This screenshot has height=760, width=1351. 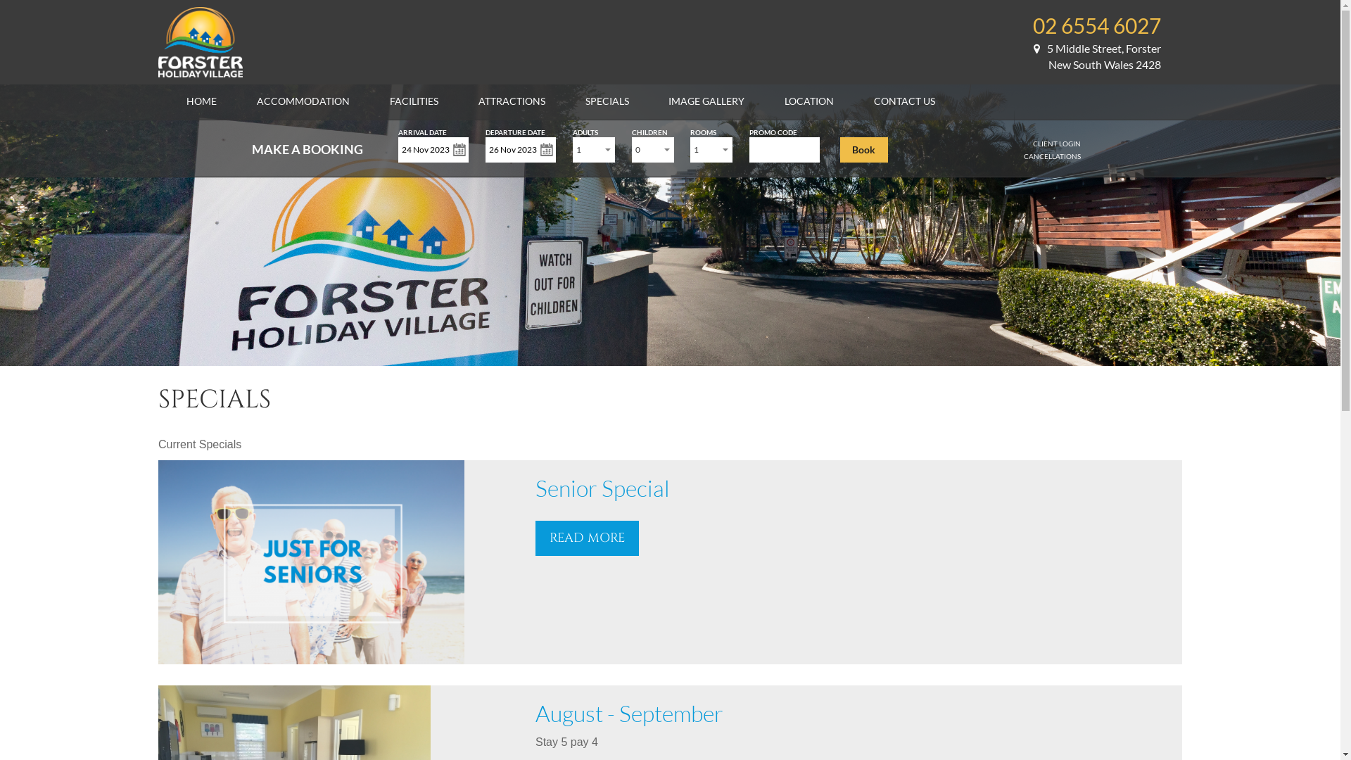 I want to click on '5 Middle Street, Forster, so click(x=1096, y=56).